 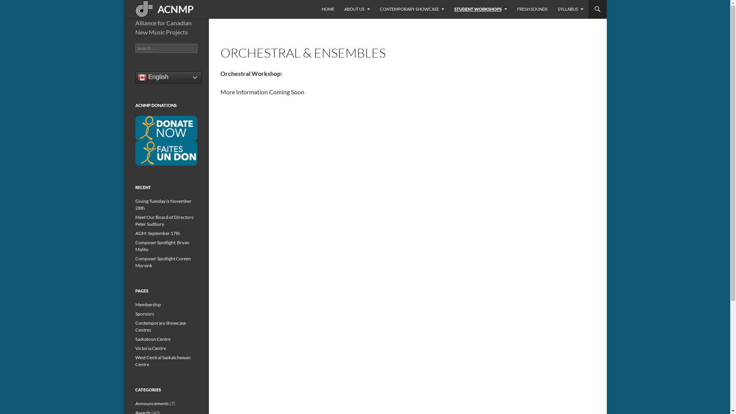 I want to click on 'SYLLABUS', so click(x=552, y=9).